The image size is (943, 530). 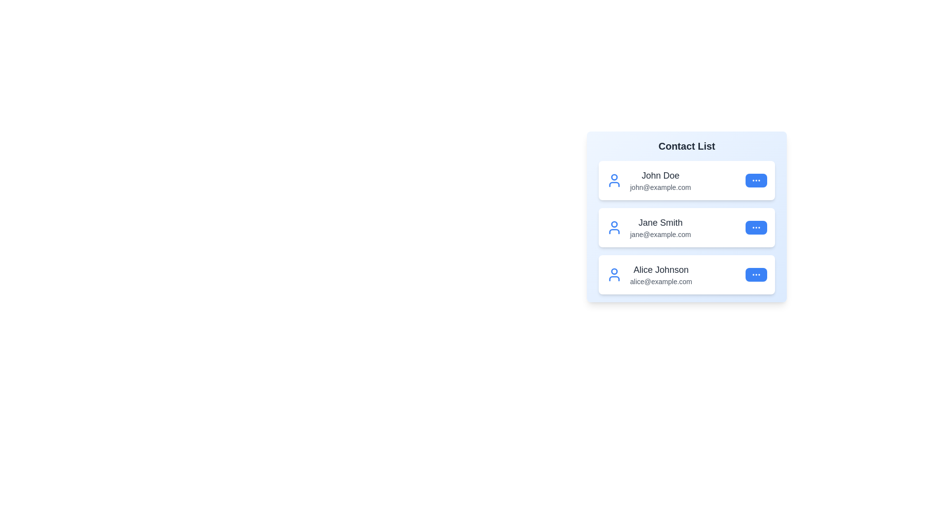 I want to click on the user icon for Jane Smith, so click(x=614, y=227).